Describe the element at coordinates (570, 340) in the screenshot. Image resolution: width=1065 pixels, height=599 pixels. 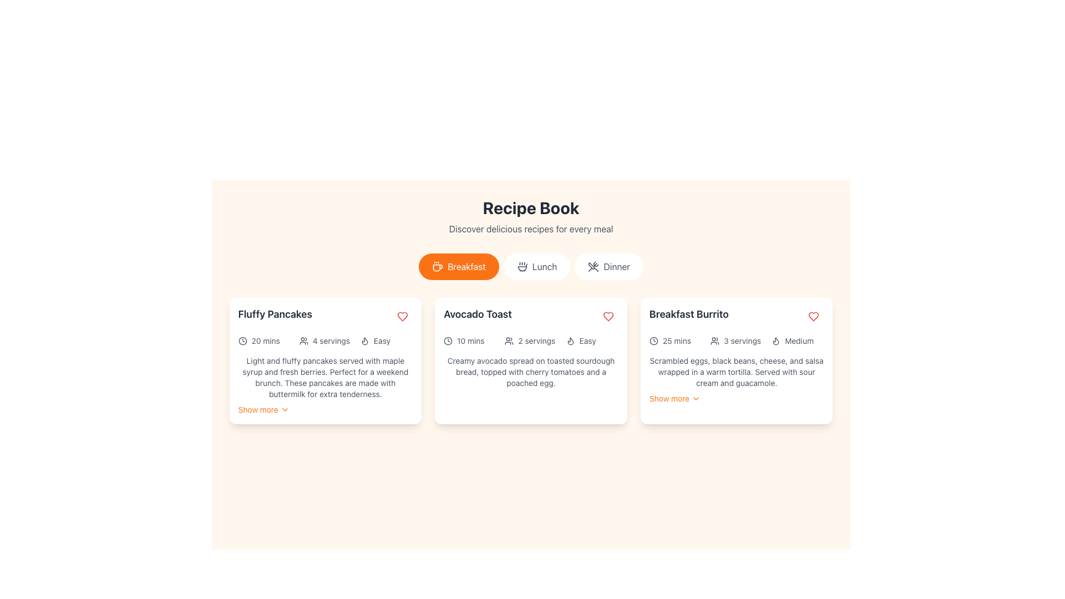
I see `the flame-shaped icon outlined in dark gray, located to the left of the 'Easy' text within the 'Avocado Toast' card` at that location.